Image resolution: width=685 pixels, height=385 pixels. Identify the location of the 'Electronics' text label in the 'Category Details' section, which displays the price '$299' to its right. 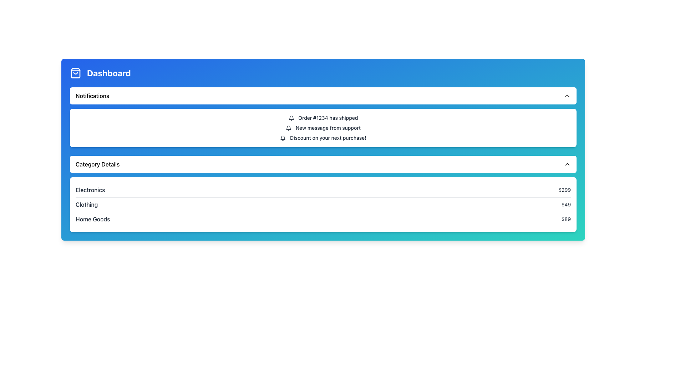
(90, 189).